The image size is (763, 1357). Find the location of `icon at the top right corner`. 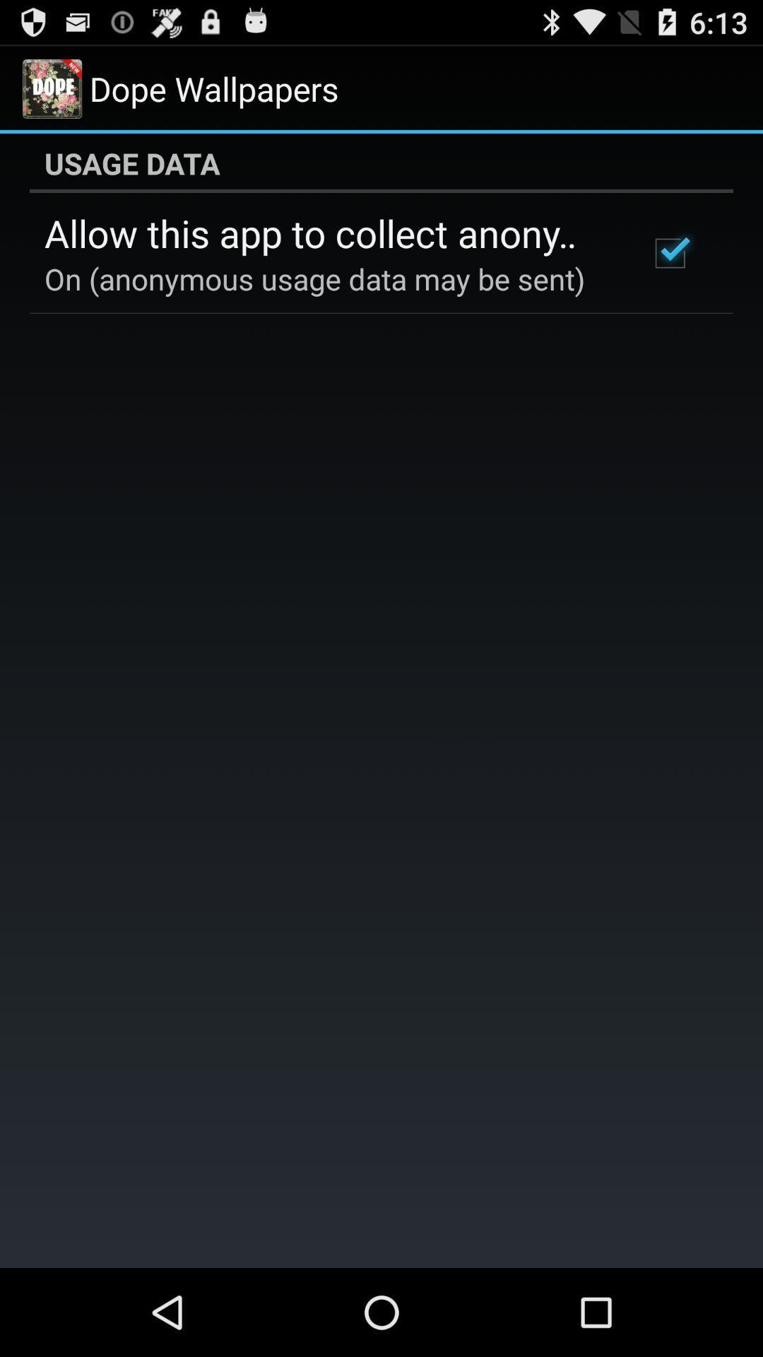

icon at the top right corner is located at coordinates (669, 253).